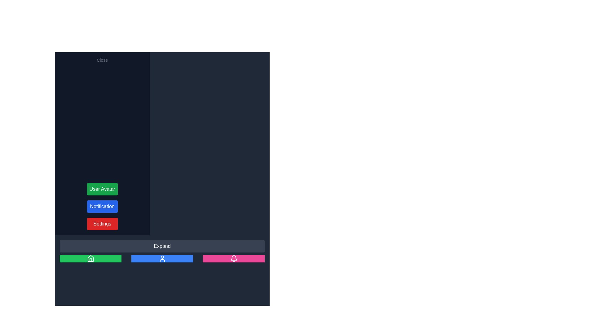 This screenshot has width=595, height=335. Describe the element at coordinates (102, 60) in the screenshot. I see `the 'Close' button, a small gray text label located at the top of the interface` at that location.